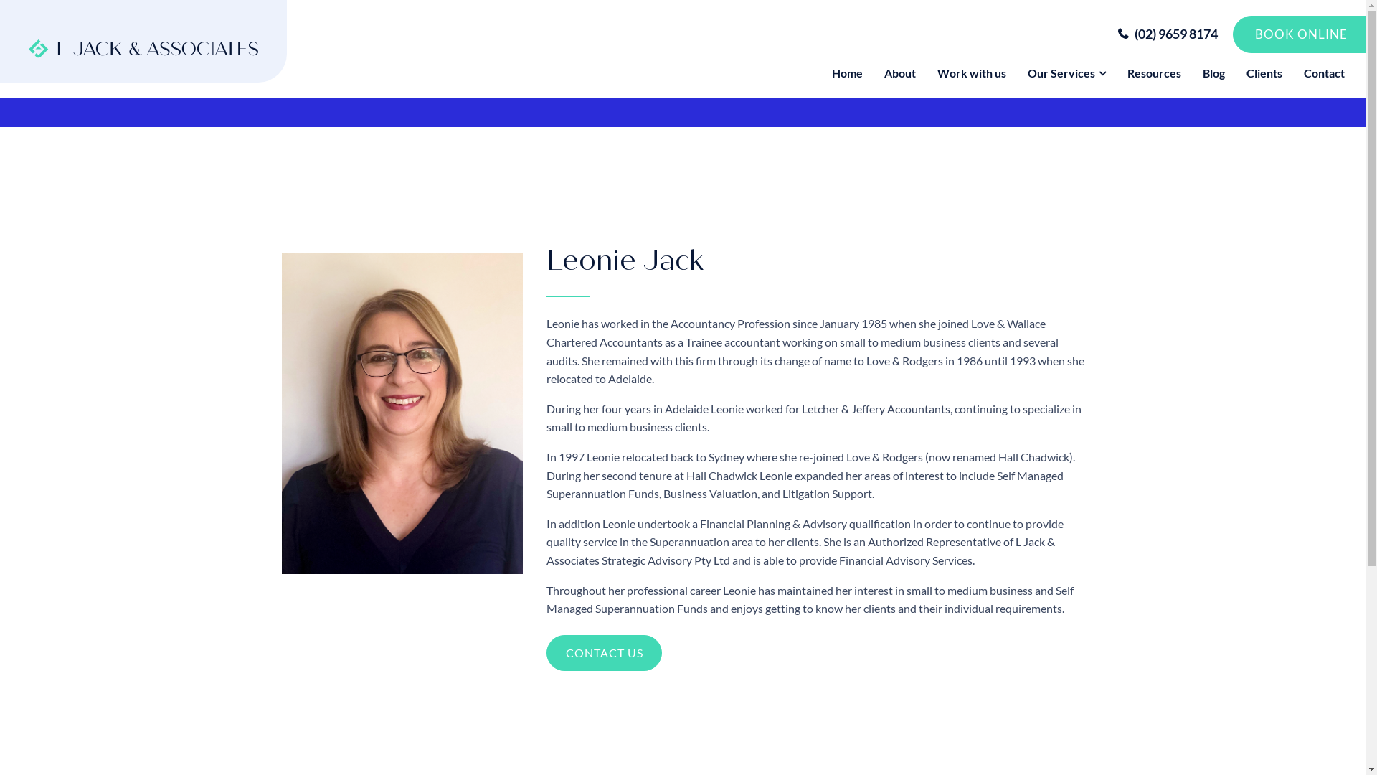 The width and height of the screenshot is (1377, 775). I want to click on 'Contact', so click(1323, 72).